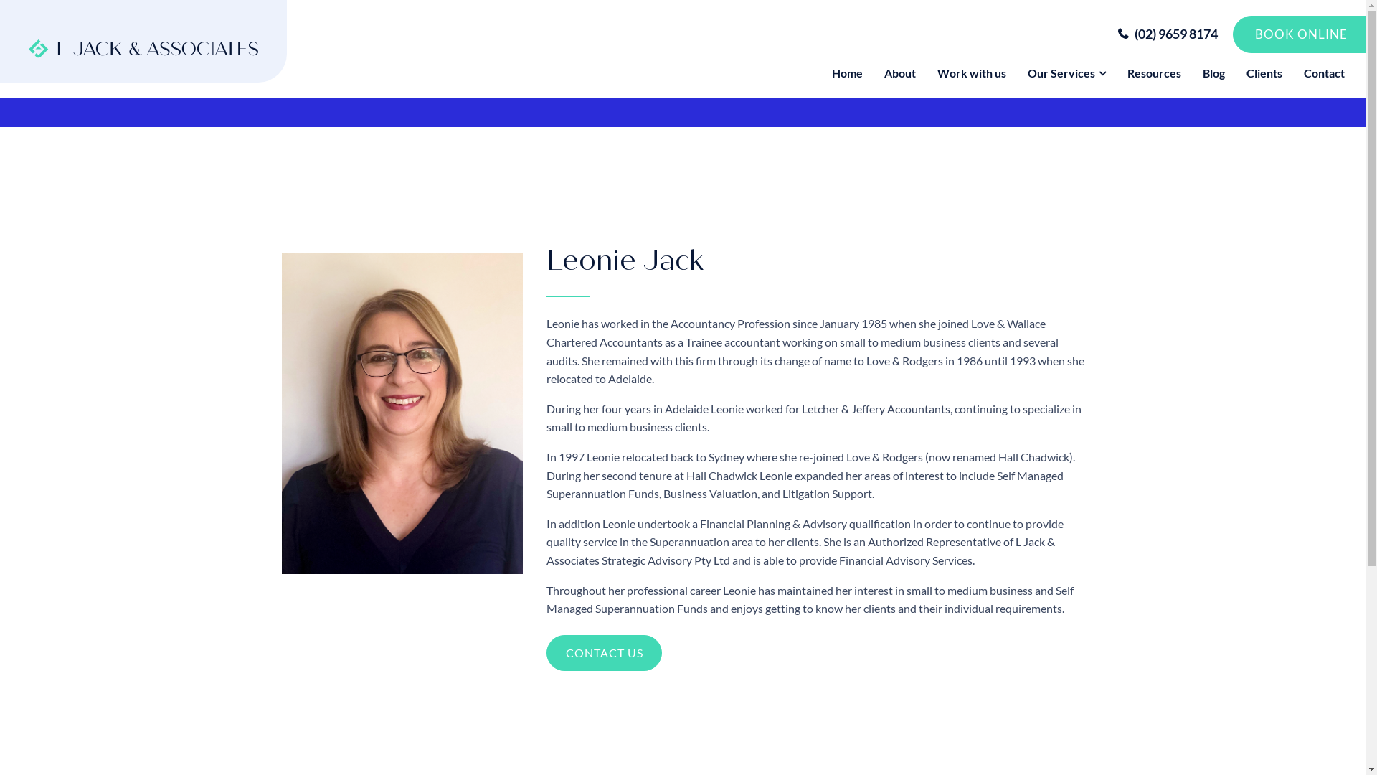 The width and height of the screenshot is (1377, 775). I want to click on 'Contact', so click(1323, 72).